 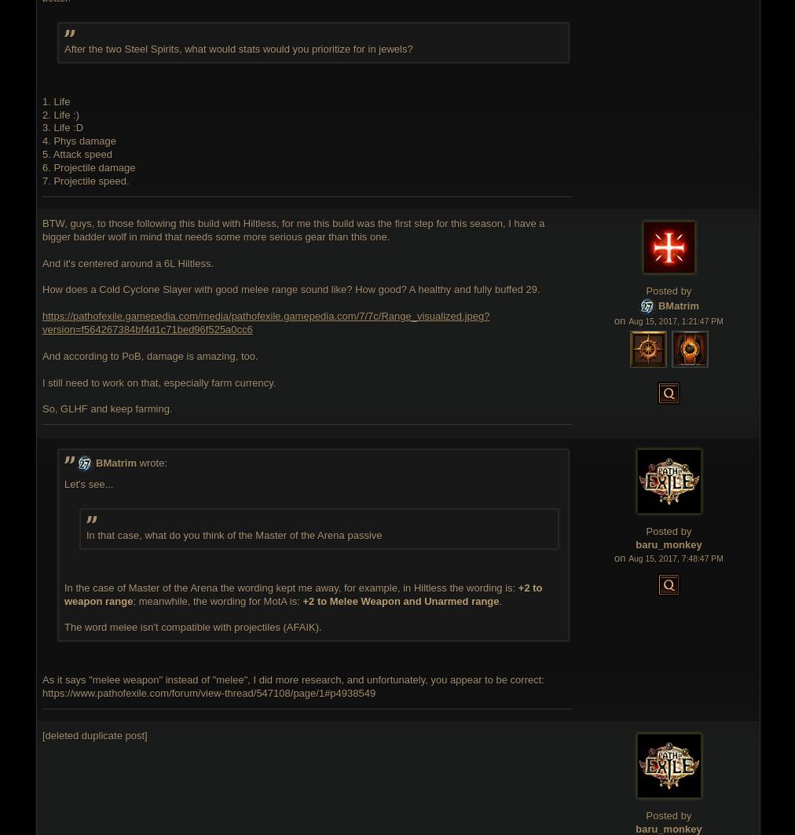 I want to click on '[deleted duplicate post]', so click(x=93, y=734).